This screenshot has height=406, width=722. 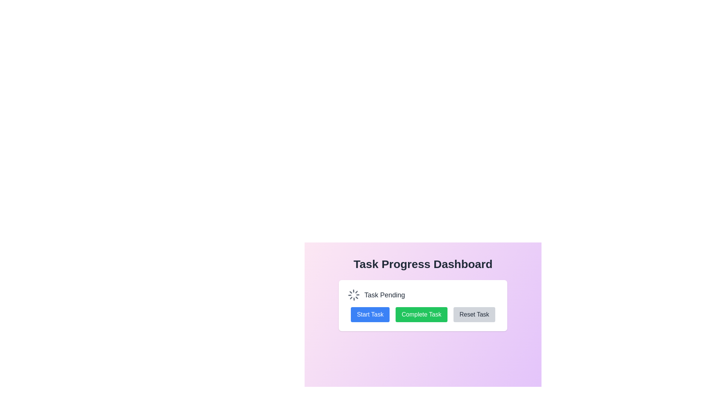 What do you see at coordinates (423, 310) in the screenshot?
I see `the 'Complete Task' button, which is the second button from the left in a group of three horizontally aligned buttons with a green background and white text, to observe hover-specific effects` at bounding box center [423, 310].